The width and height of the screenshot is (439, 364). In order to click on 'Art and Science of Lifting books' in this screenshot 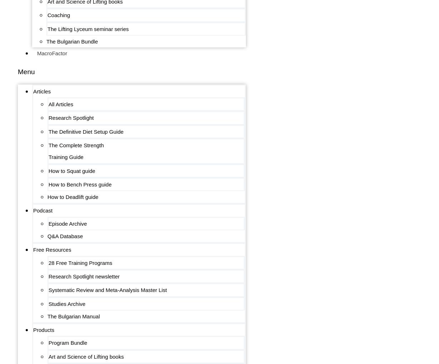, I will do `click(86, 356)`.